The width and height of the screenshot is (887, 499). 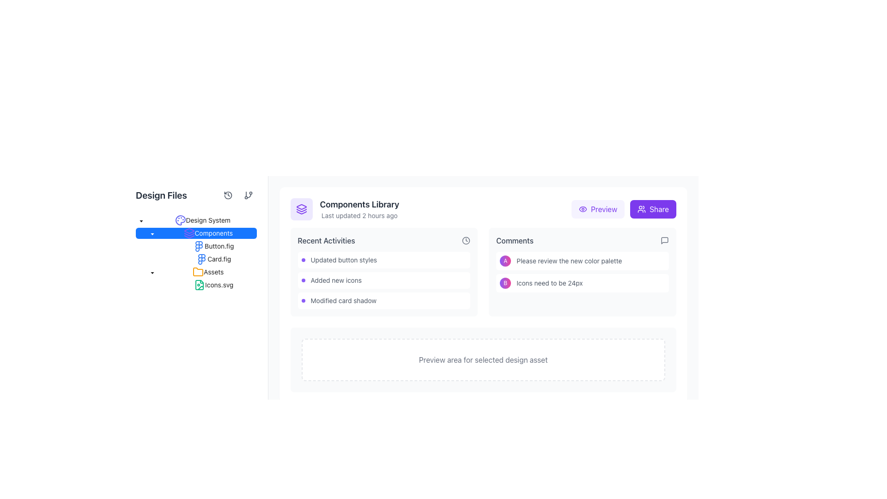 What do you see at coordinates (624, 209) in the screenshot?
I see `the 'Preview' button, which is part of the Button Group located in the top-right corner of the interface, beneath the title 'Components Library'` at bounding box center [624, 209].